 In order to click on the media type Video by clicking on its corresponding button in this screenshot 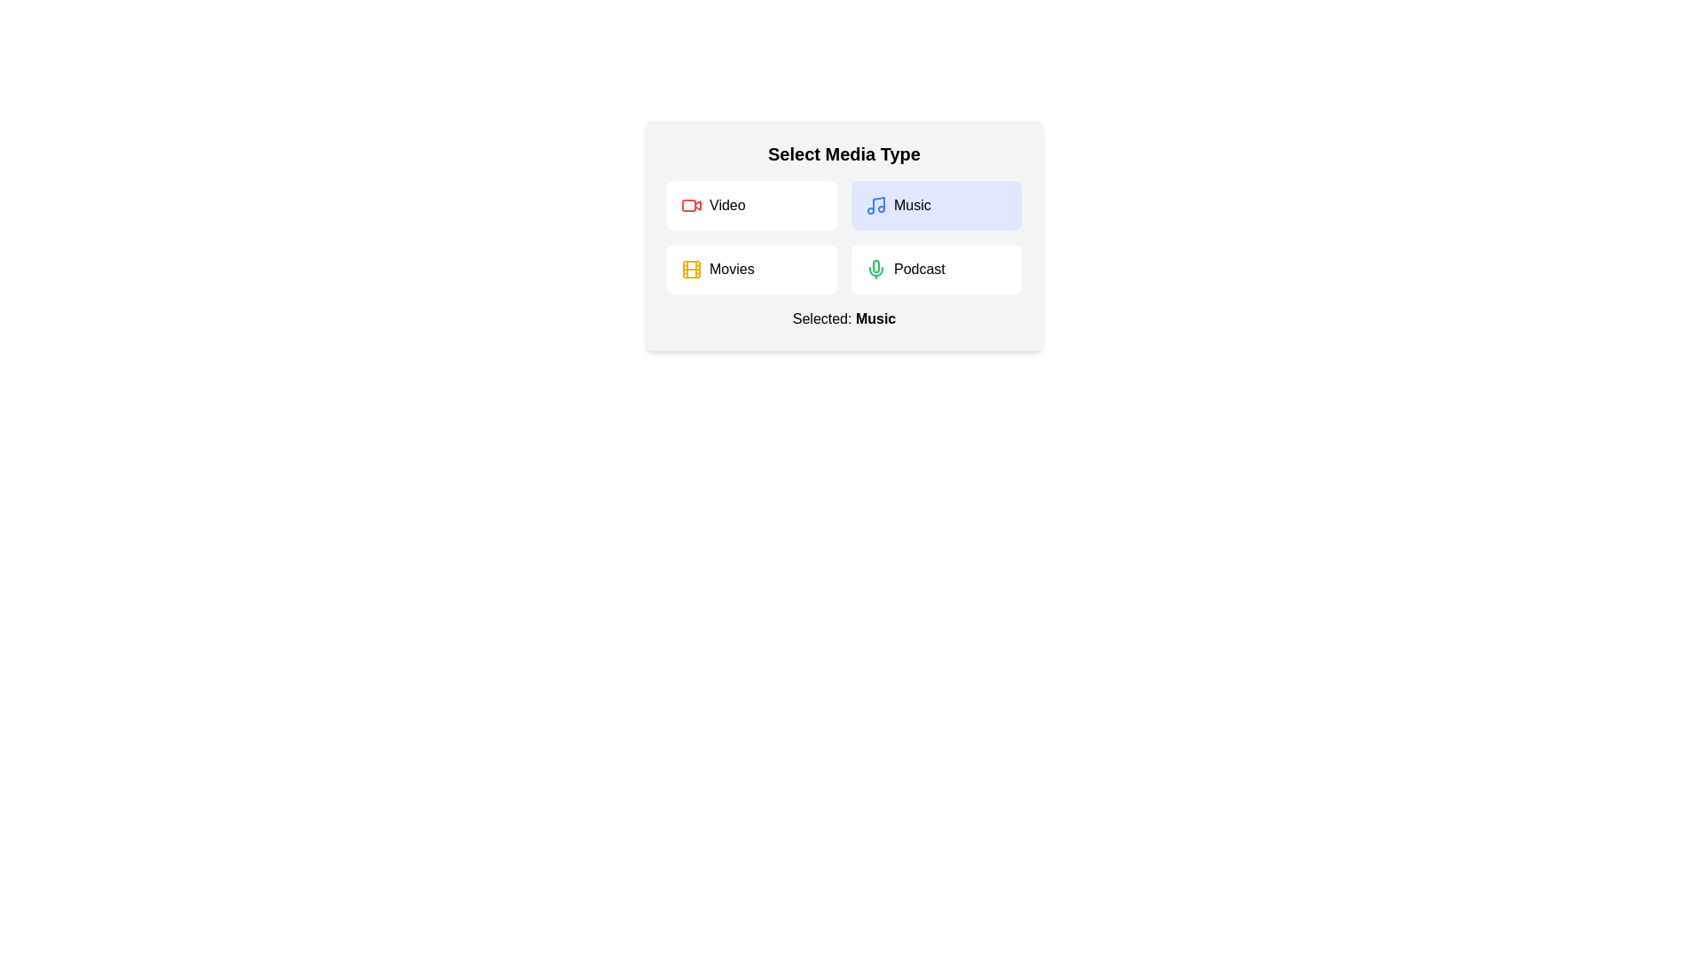, I will do `click(752, 204)`.